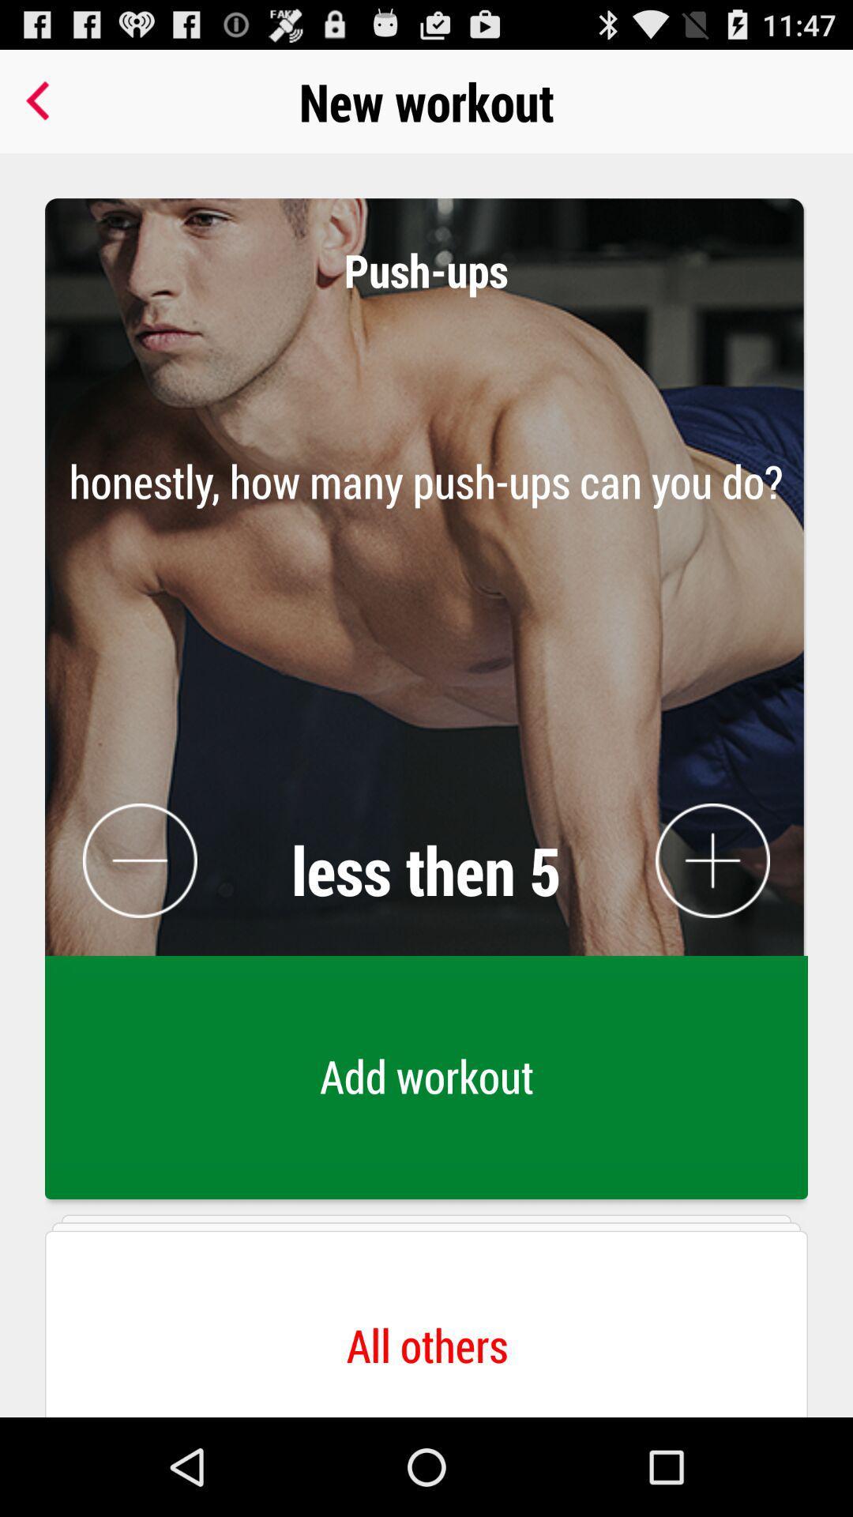  What do you see at coordinates (426, 1081) in the screenshot?
I see `add workout button` at bounding box center [426, 1081].